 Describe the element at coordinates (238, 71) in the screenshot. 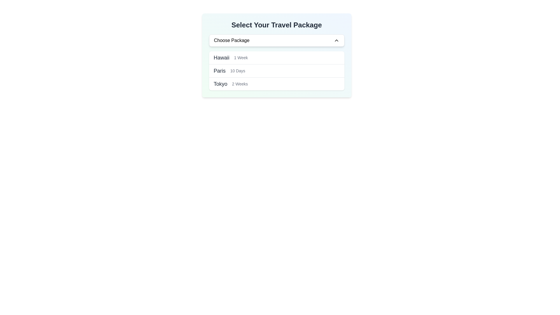

I see `text label displaying '10 Days', which is a small, gray font aligned to the right of 'Paris' in a dropdown list of travel options` at that location.